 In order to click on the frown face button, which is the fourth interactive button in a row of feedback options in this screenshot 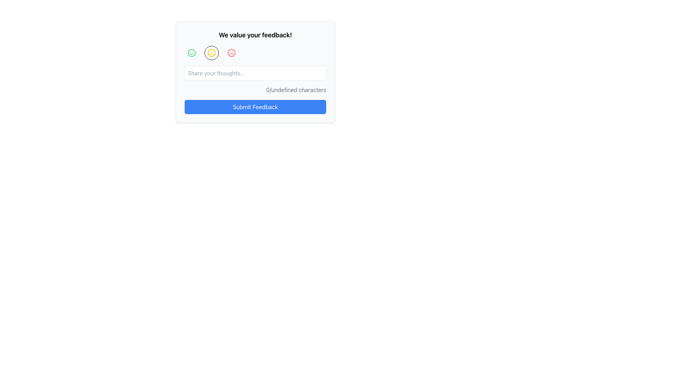, I will do `click(232, 53)`.